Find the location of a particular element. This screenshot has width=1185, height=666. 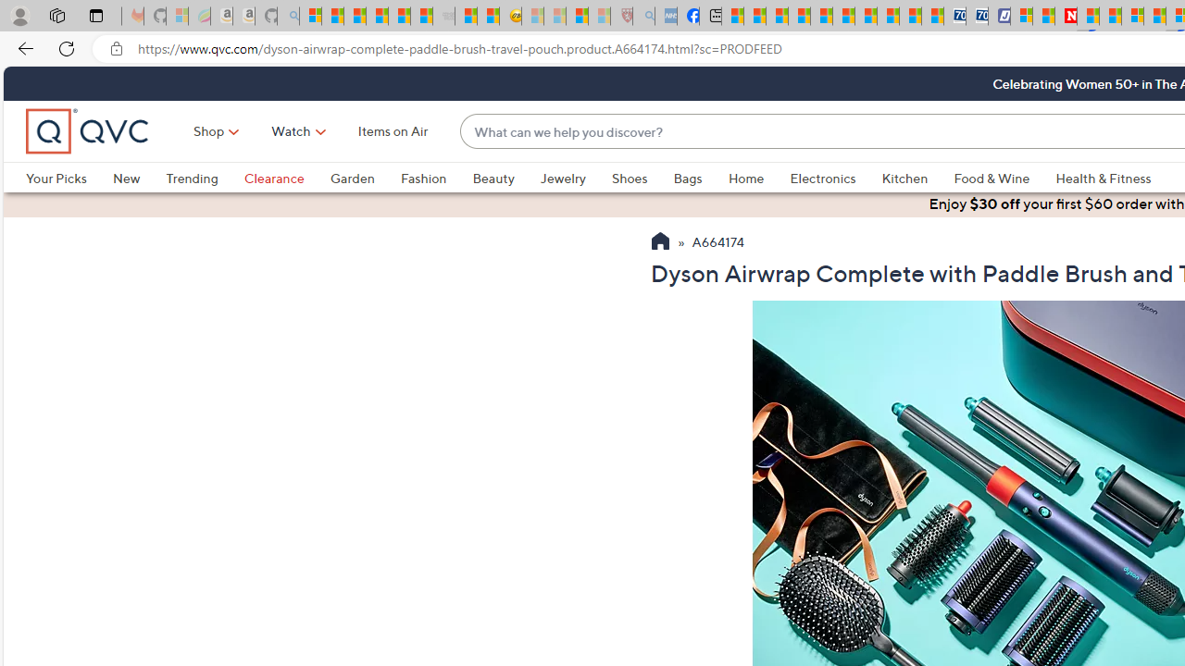

'Kitchen' is located at coordinates (917, 178).